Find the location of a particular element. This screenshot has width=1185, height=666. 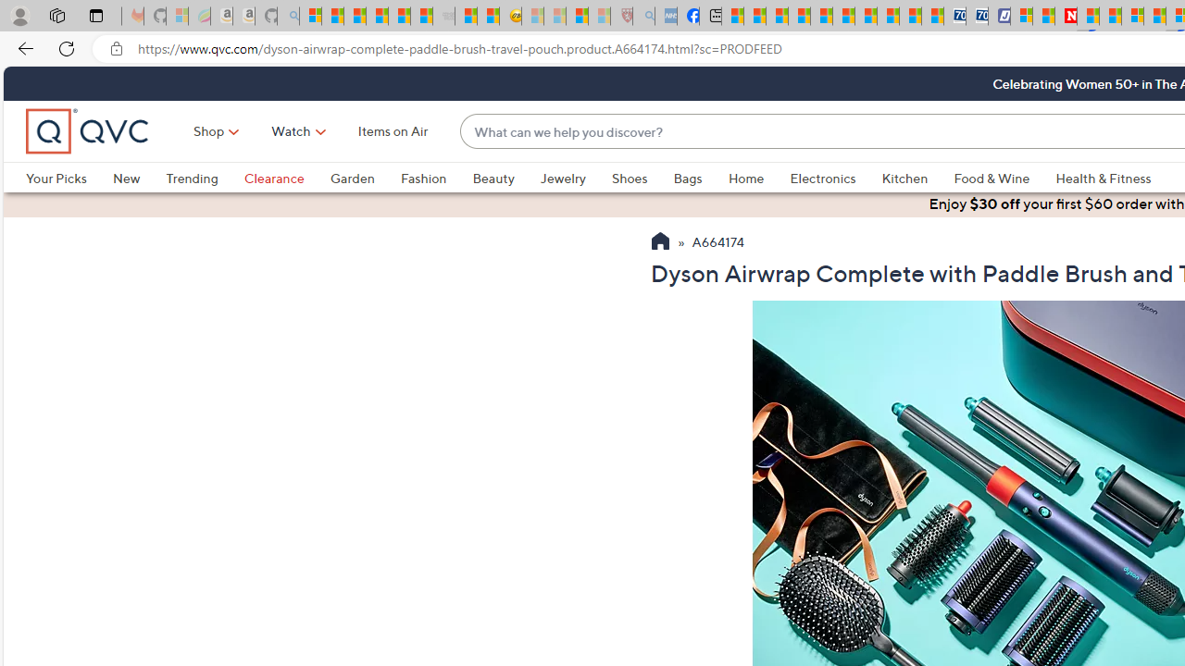

'Kitchen' is located at coordinates (917, 178).